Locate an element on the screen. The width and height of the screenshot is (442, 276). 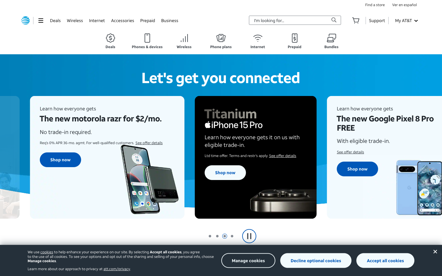
phone tariff options is located at coordinates (221, 41).